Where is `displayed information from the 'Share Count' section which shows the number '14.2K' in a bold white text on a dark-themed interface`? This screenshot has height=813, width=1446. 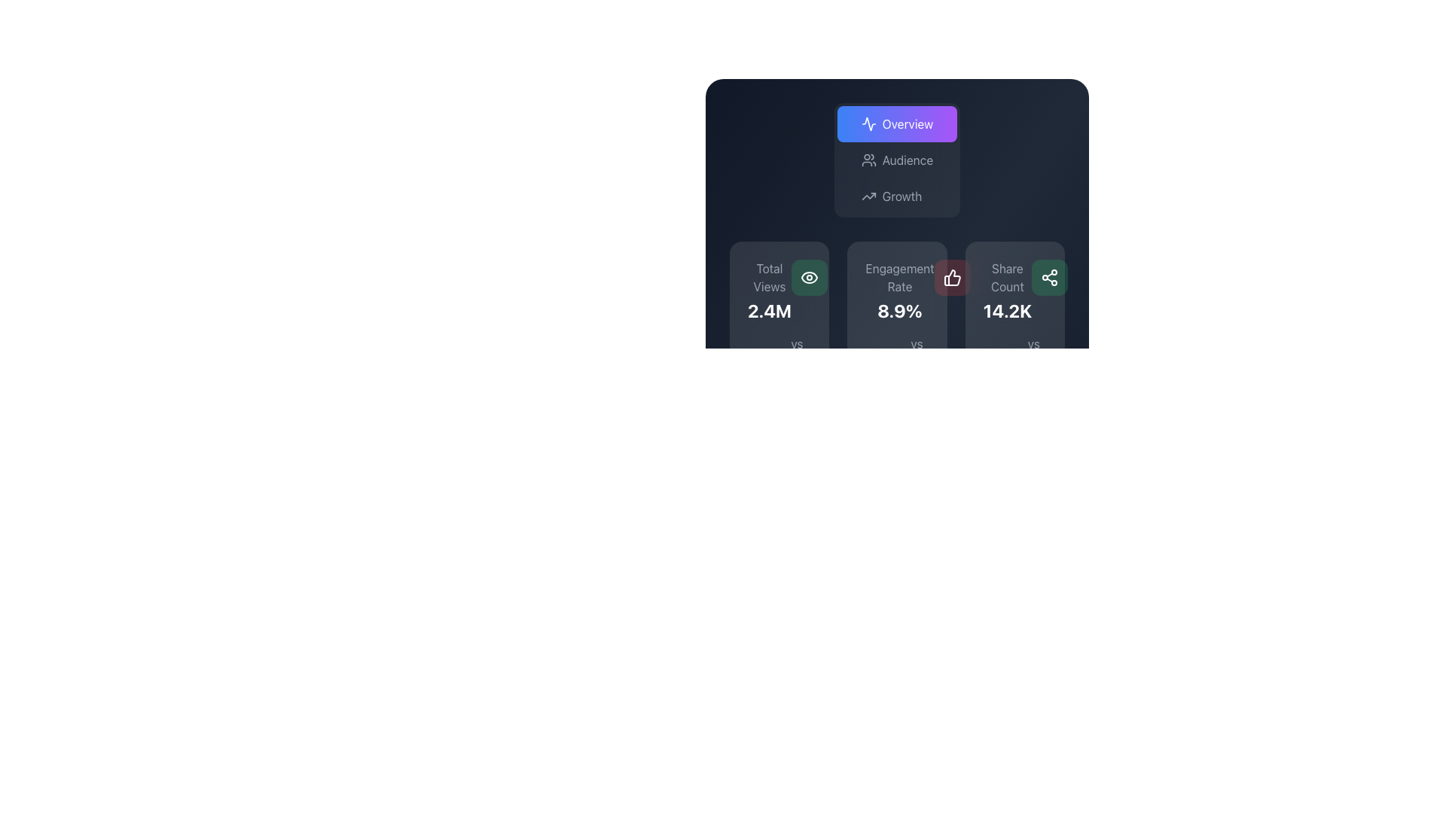
displayed information from the 'Share Count' section which shows the number '14.2K' in a bold white text on a dark-themed interface is located at coordinates (1007, 291).